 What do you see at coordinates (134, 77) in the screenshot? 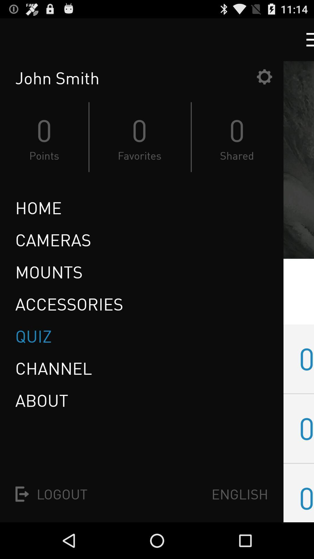
I see `the john smith item` at bounding box center [134, 77].